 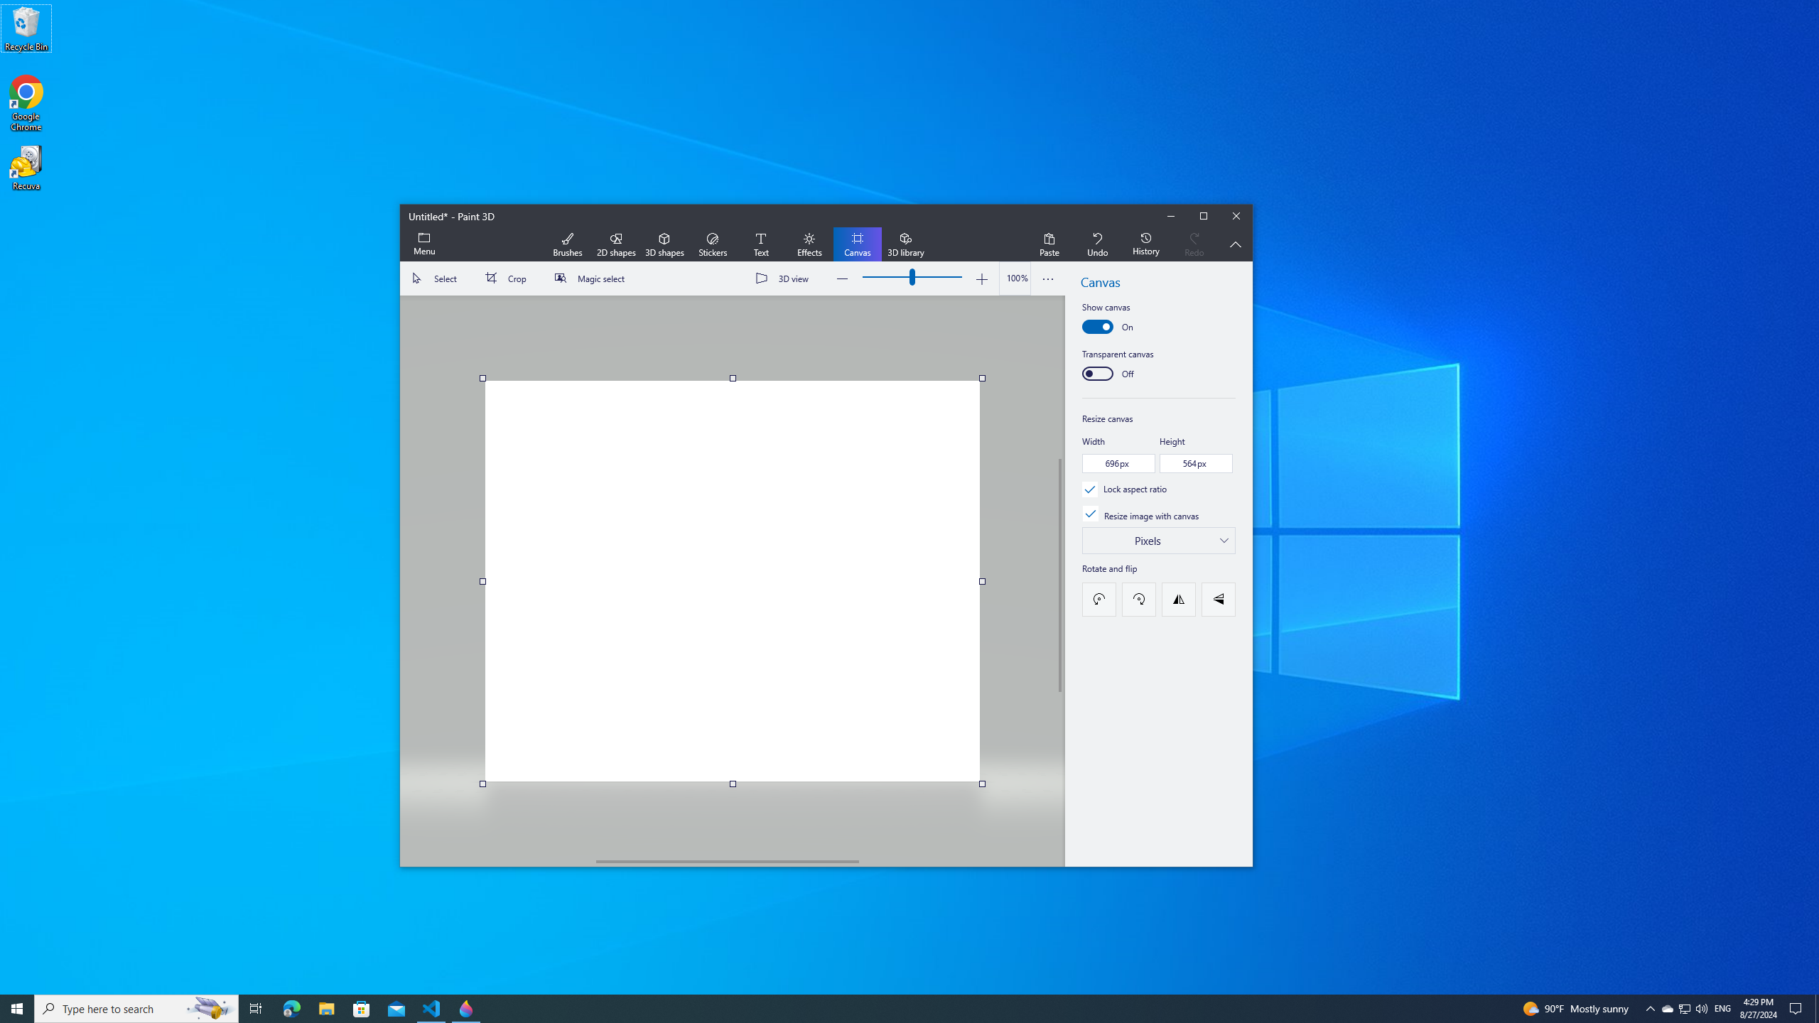 I want to click on 'Recycle Bin', so click(x=26, y=27).